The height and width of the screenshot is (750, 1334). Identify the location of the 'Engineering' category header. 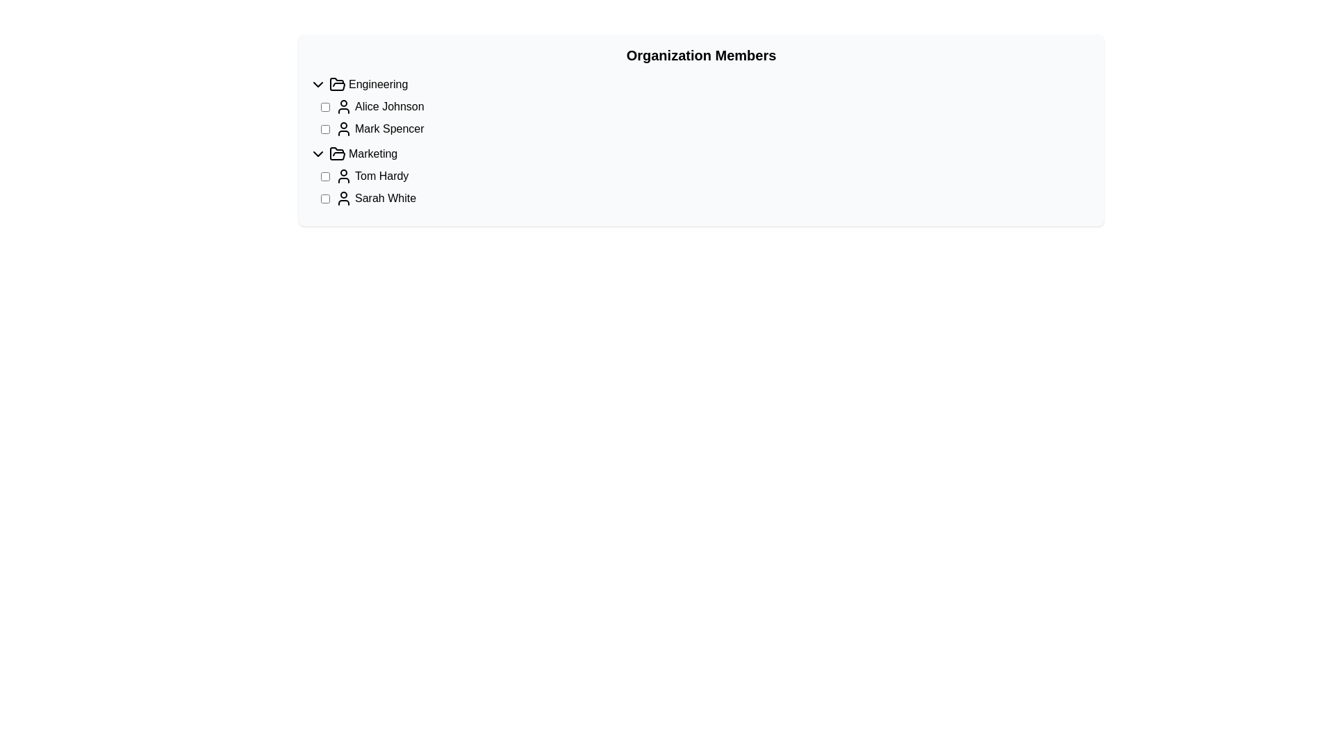
(359, 85).